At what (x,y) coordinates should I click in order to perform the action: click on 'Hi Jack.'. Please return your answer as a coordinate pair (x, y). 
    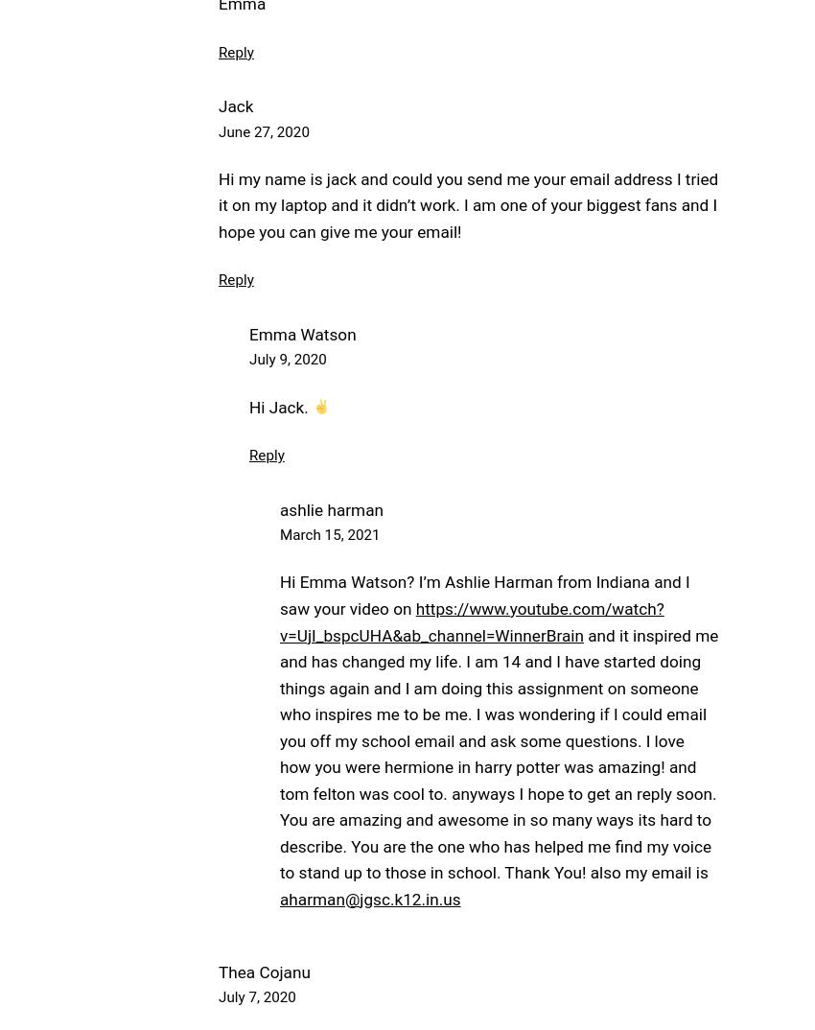
    Looking at the image, I should click on (279, 407).